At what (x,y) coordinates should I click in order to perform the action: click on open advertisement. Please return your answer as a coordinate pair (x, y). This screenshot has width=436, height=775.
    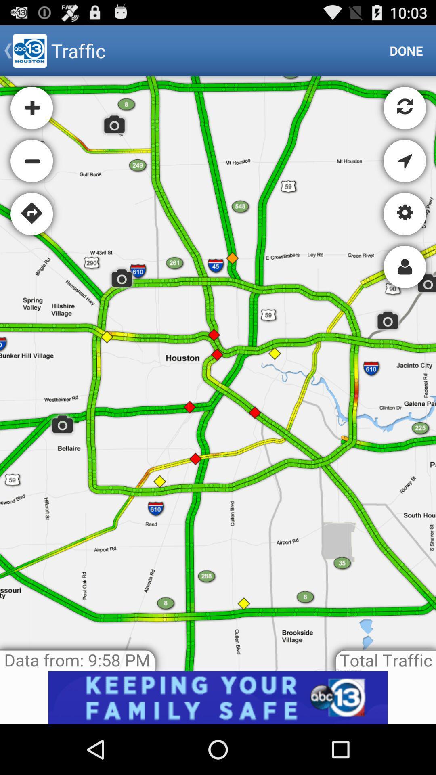
    Looking at the image, I should click on (218, 697).